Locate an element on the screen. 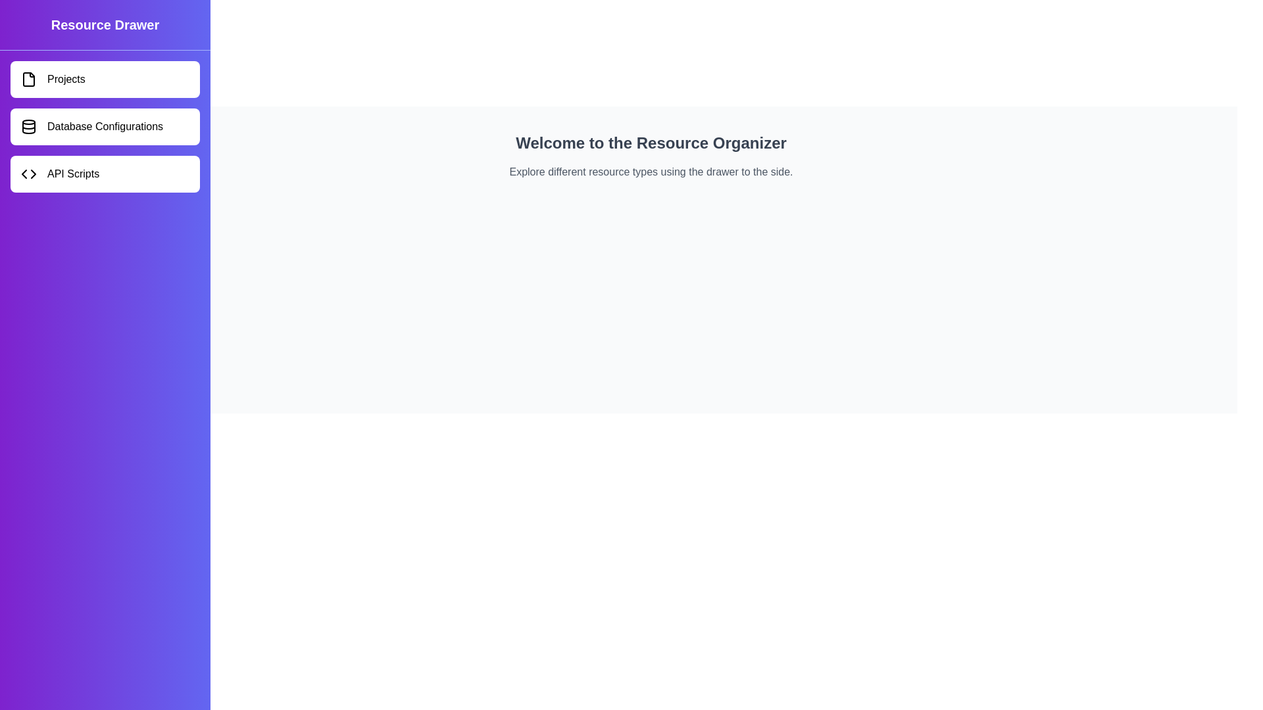 The height and width of the screenshot is (710, 1263). the resource Database Configurations by clicking on its corresponding item in the drawer is located at coordinates (104, 126).